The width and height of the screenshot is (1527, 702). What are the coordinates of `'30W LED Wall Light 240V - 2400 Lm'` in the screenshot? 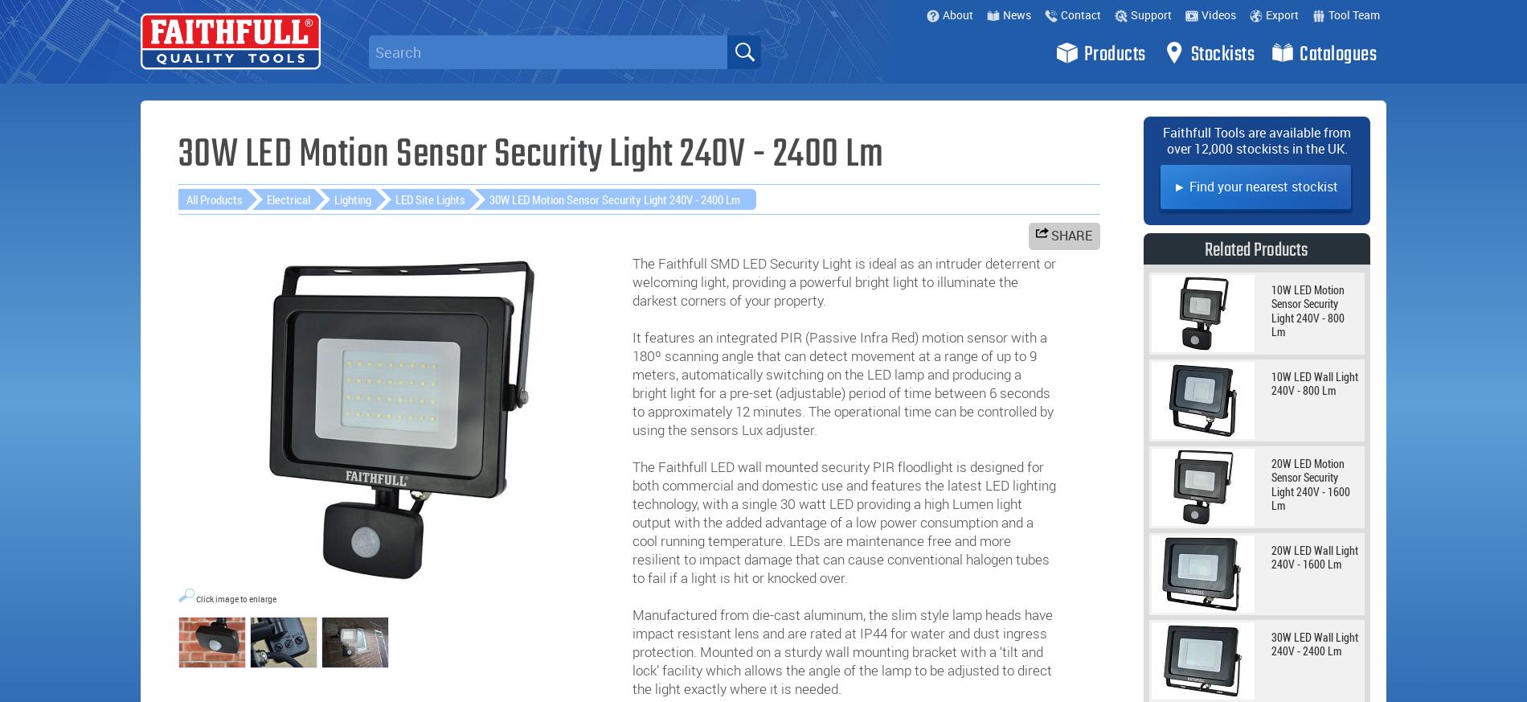 It's located at (1315, 643).